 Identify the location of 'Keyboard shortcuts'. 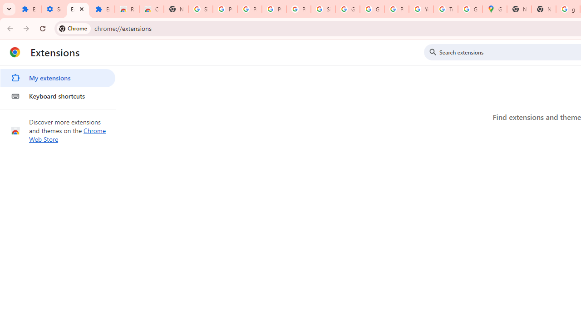
(57, 96).